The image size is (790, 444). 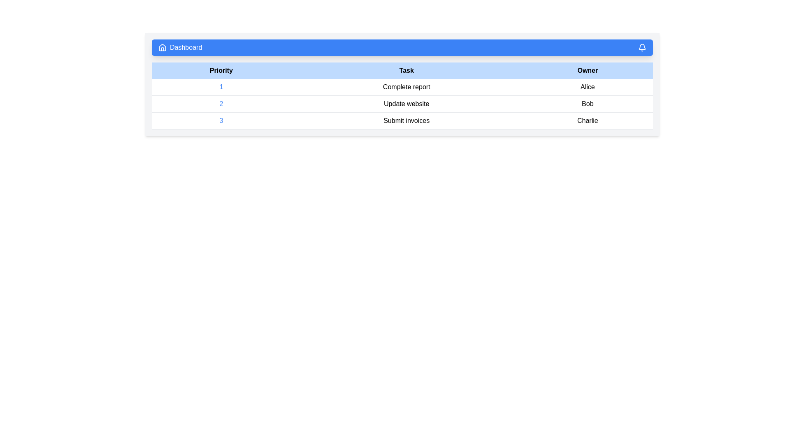 What do you see at coordinates (407, 87) in the screenshot?
I see `the static text label representing the task name in the first row of the table under the 'Task' column, which is associated with priority 1 and owner Alice` at bounding box center [407, 87].